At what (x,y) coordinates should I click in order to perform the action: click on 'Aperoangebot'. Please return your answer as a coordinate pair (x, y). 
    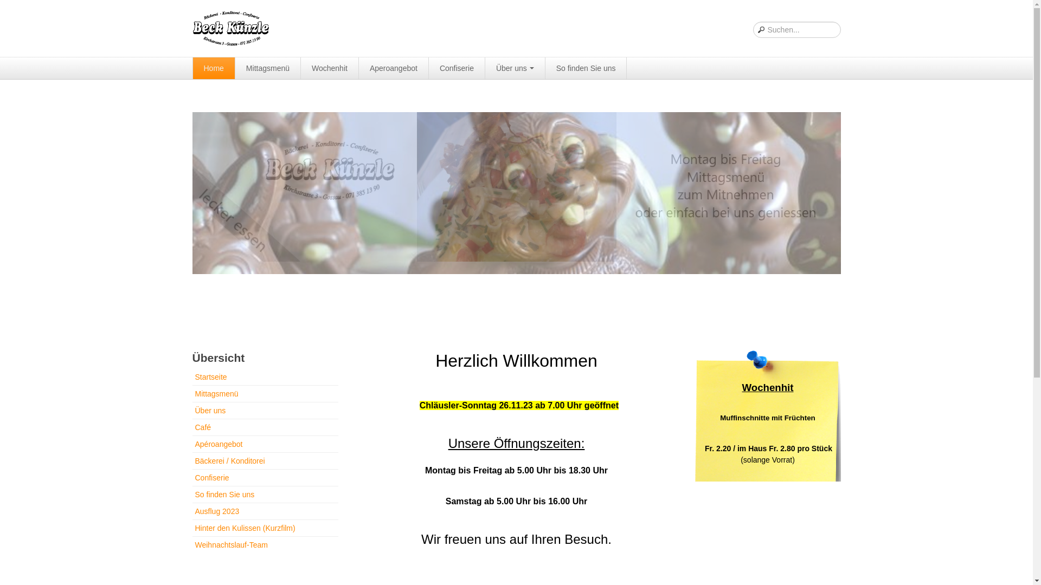
    Looking at the image, I should click on (359, 68).